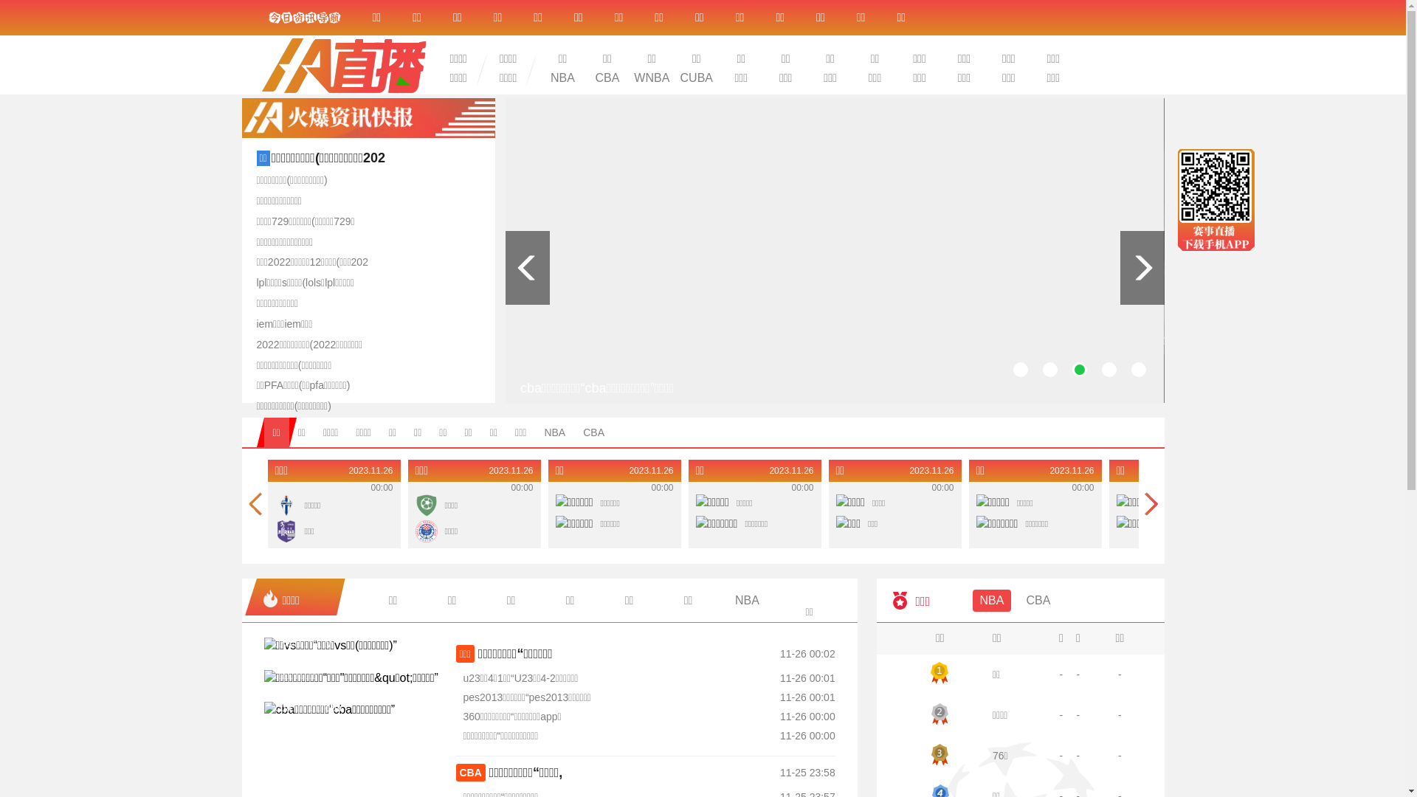  I want to click on 'WNBA', so click(651, 77).